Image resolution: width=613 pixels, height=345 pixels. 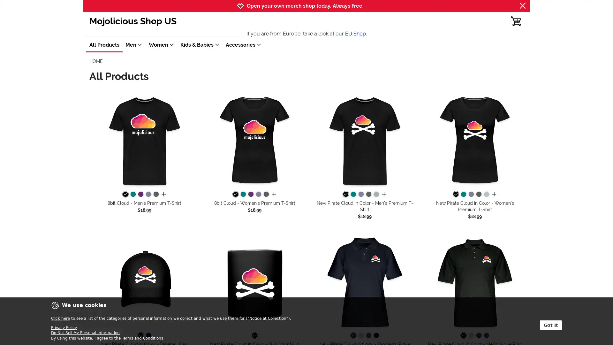 What do you see at coordinates (360, 335) in the screenshot?
I see `heather gray` at bounding box center [360, 335].